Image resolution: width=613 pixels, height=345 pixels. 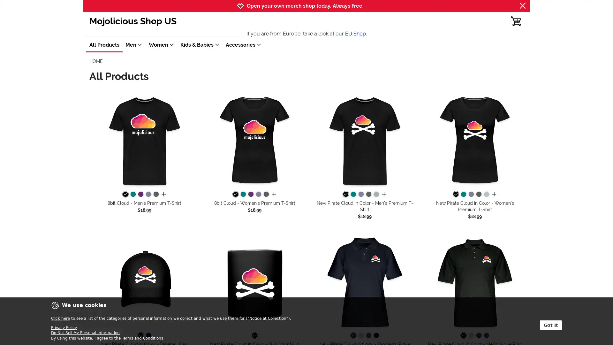 What do you see at coordinates (360, 335) in the screenshot?
I see `heather gray` at bounding box center [360, 335].